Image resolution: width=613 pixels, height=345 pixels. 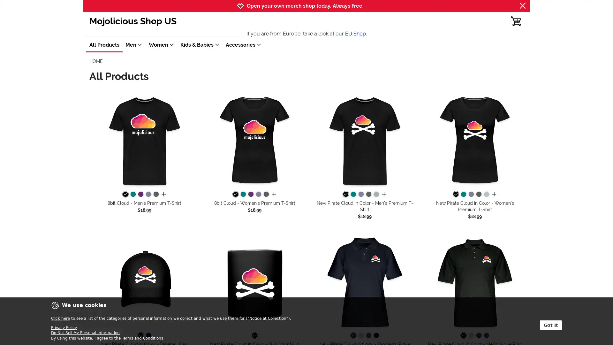 What do you see at coordinates (360, 335) in the screenshot?
I see `heather gray` at bounding box center [360, 335].